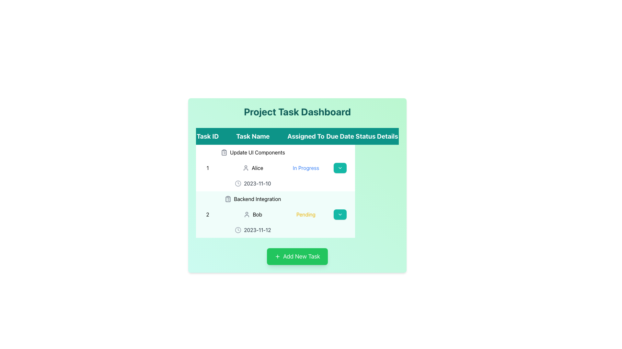  I want to click on the dropdown indicator icon located inside the teal button in the 'Details' column of the first row of the task table, so click(340, 168).